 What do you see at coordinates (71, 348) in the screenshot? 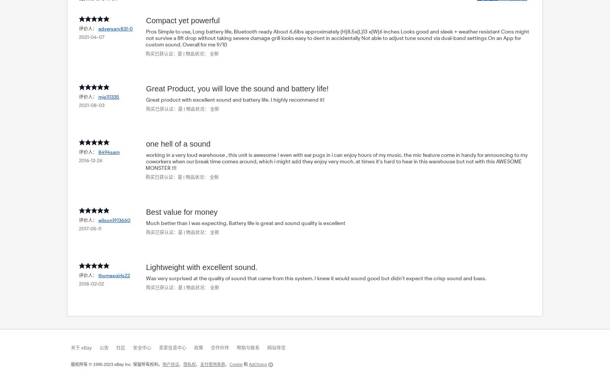
I see `'关于 eBay'` at bounding box center [71, 348].